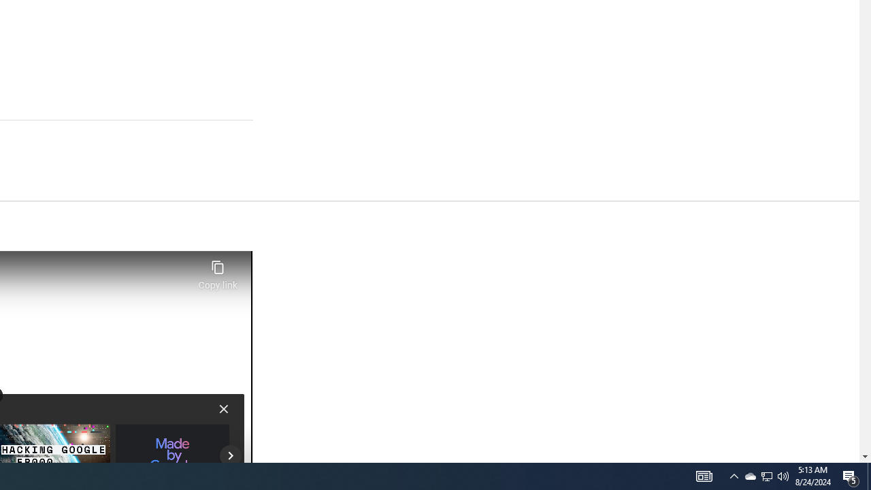 The image size is (871, 490). Describe the element at coordinates (218, 271) in the screenshot. I see `'Copy link'` at that location.